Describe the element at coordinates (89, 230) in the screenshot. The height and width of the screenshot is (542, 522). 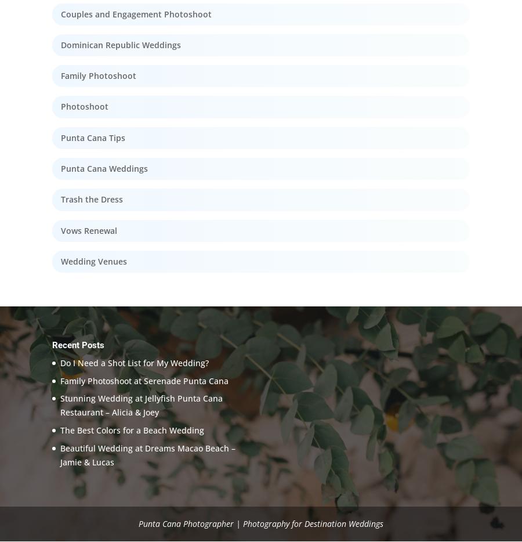
I see `'Vows Renewal'` at that location.